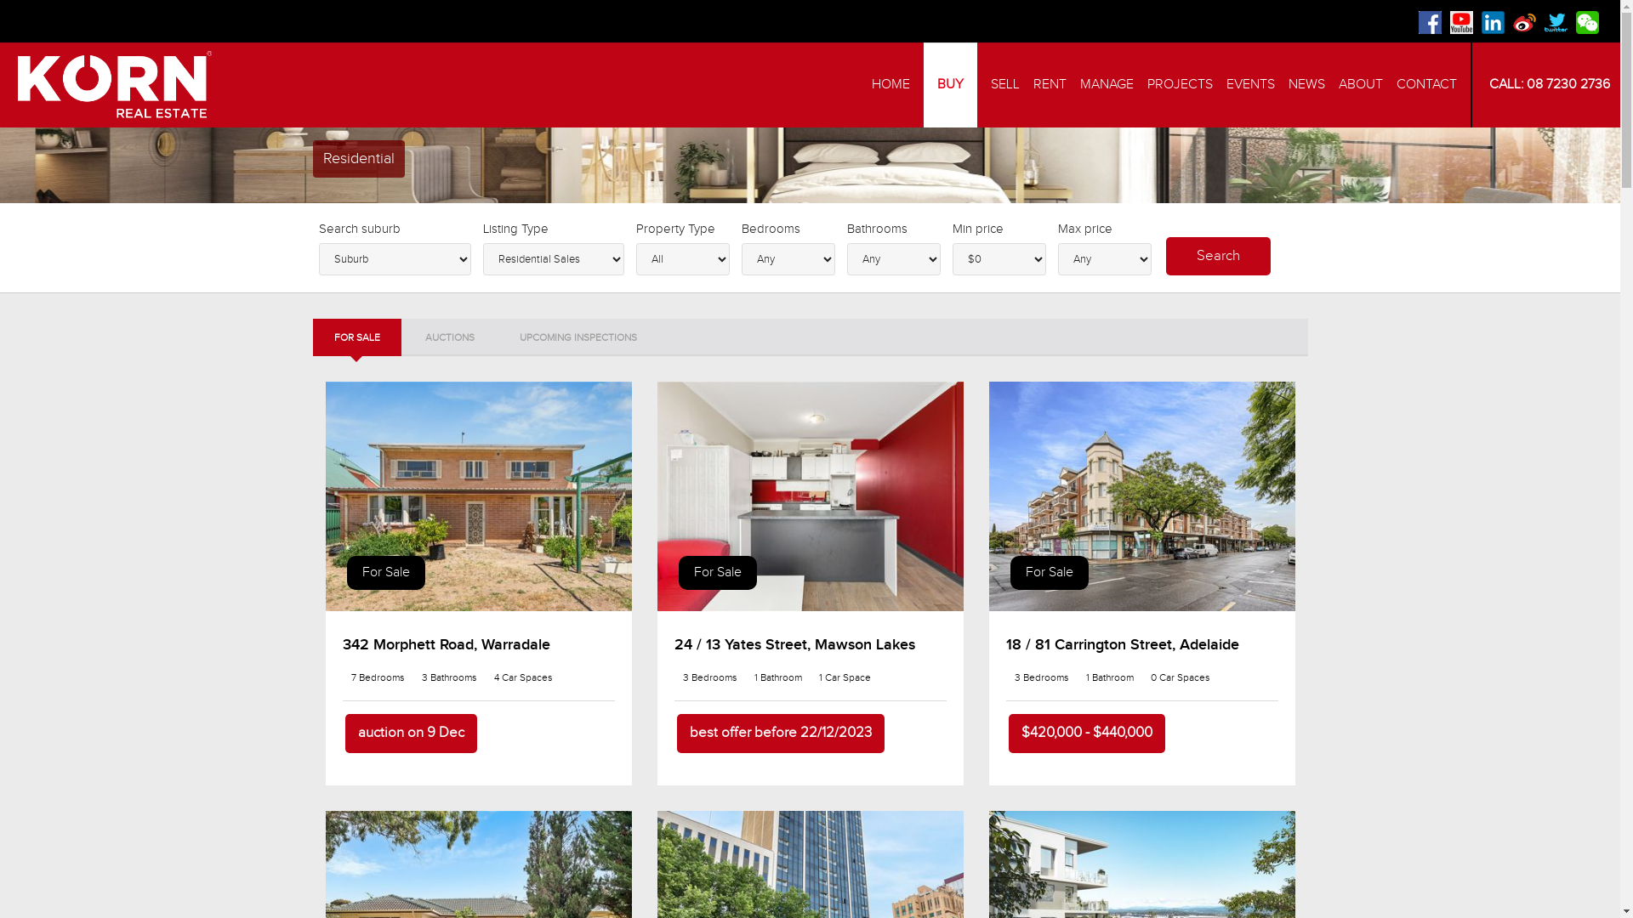 Image resolution: width=1633 pixels, height=918 pixels. What do you see at coordinates (1049, 85) in the screenshot?
I see `'RENT'` at bounding box center [1049, 85].